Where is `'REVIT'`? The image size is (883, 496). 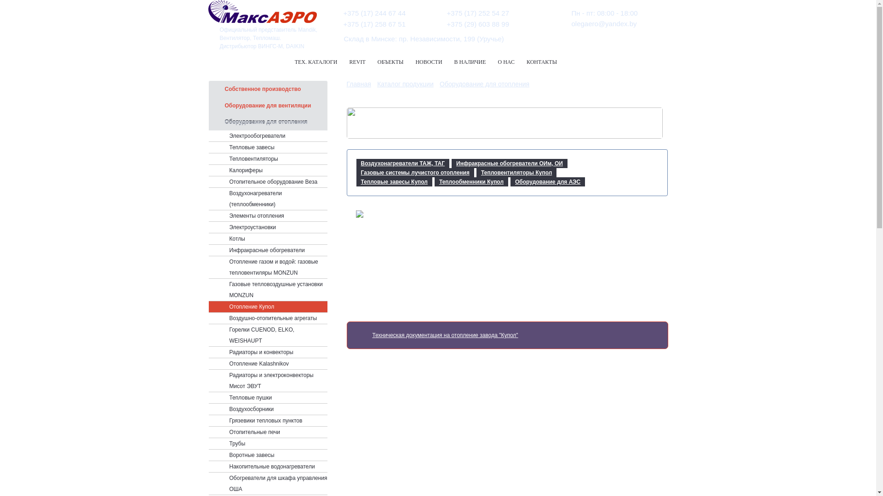
'REVIT' is located at coordinates (356, 62).